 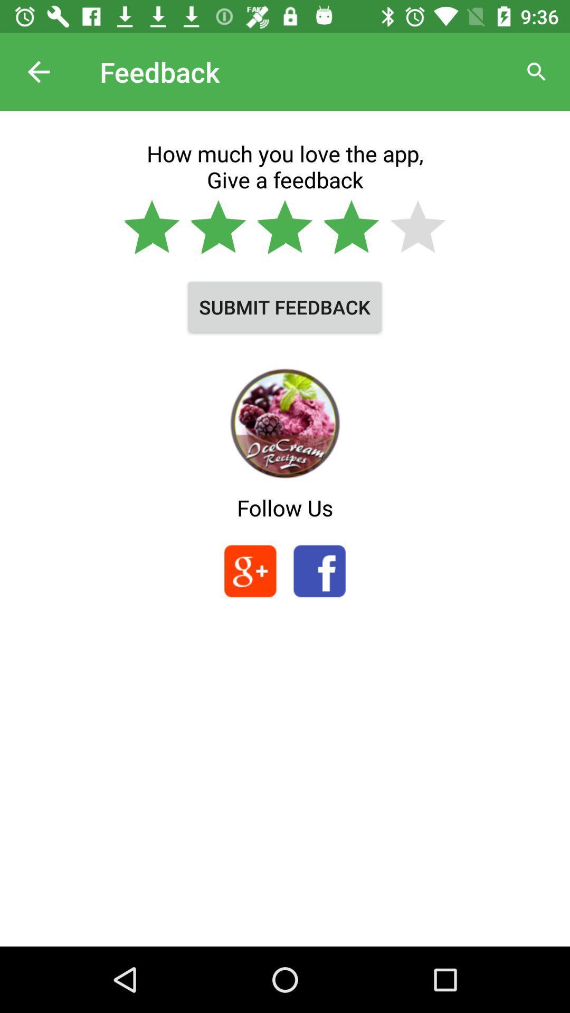 What do you see at coordinates (250, 570) in the screenshot?
I see `the group icon` at bounding box center [250, 570].